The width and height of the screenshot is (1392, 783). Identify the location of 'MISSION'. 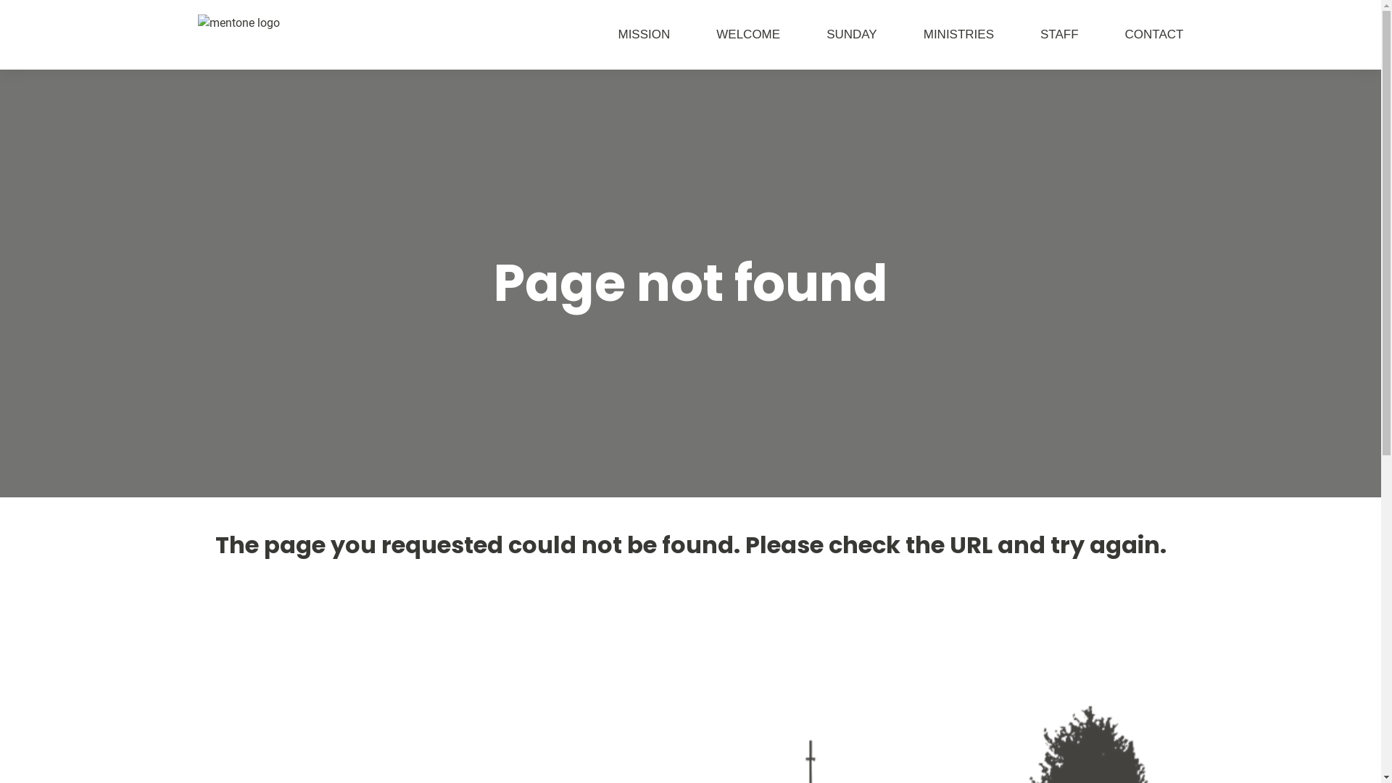
(570, 33).